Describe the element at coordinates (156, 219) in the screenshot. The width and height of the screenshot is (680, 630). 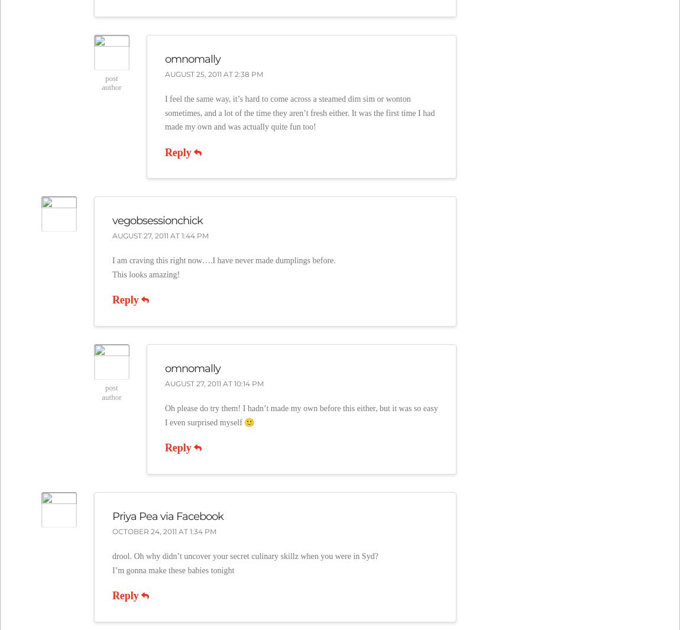
I see `'vegobsessionchick'` at that location.